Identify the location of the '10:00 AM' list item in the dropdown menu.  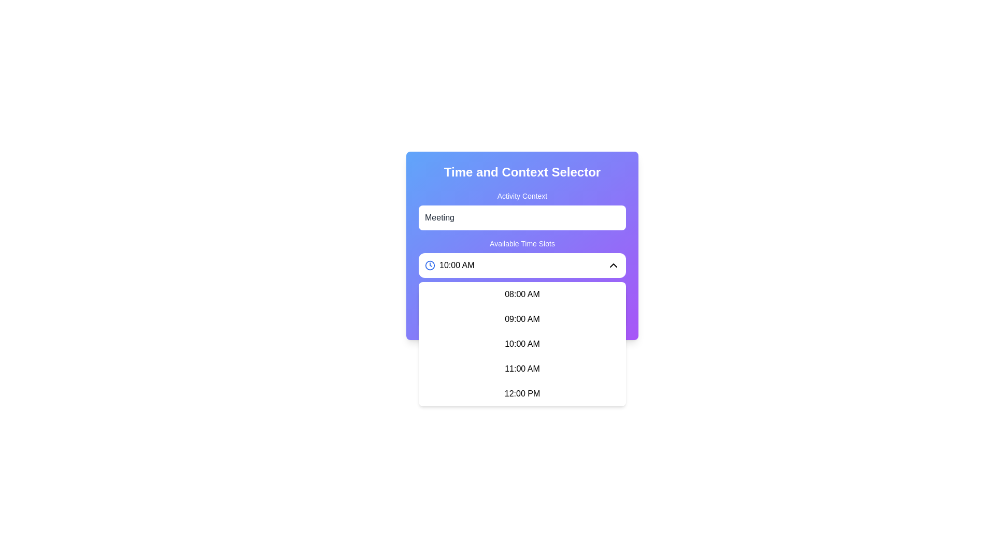
(522, 344).